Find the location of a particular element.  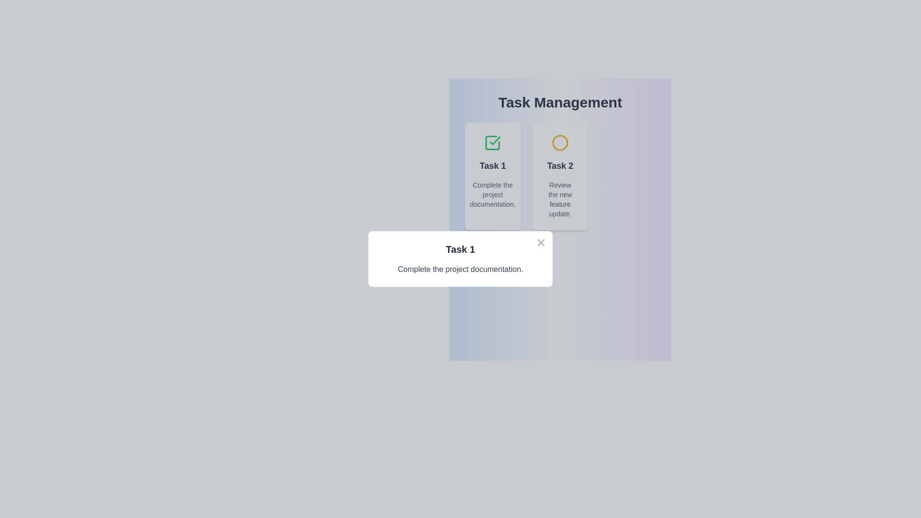

the task description dialog box that displays details of 'Task 1' is located at coordinates (460, 259).